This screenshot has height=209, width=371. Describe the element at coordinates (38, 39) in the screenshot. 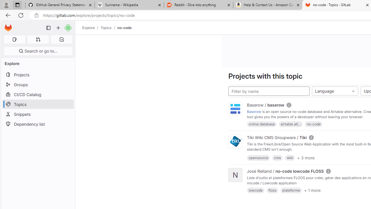

I see `'Merge requests 0'` at that location.